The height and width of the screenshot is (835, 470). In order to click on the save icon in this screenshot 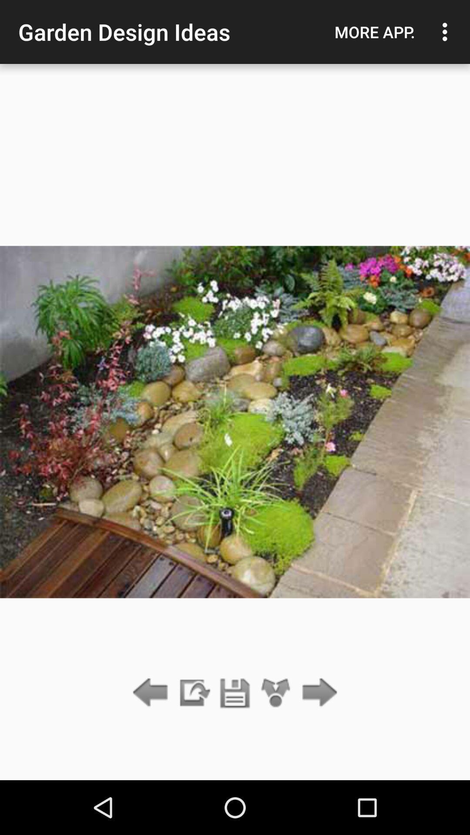, I will do `click(235, 693)`.